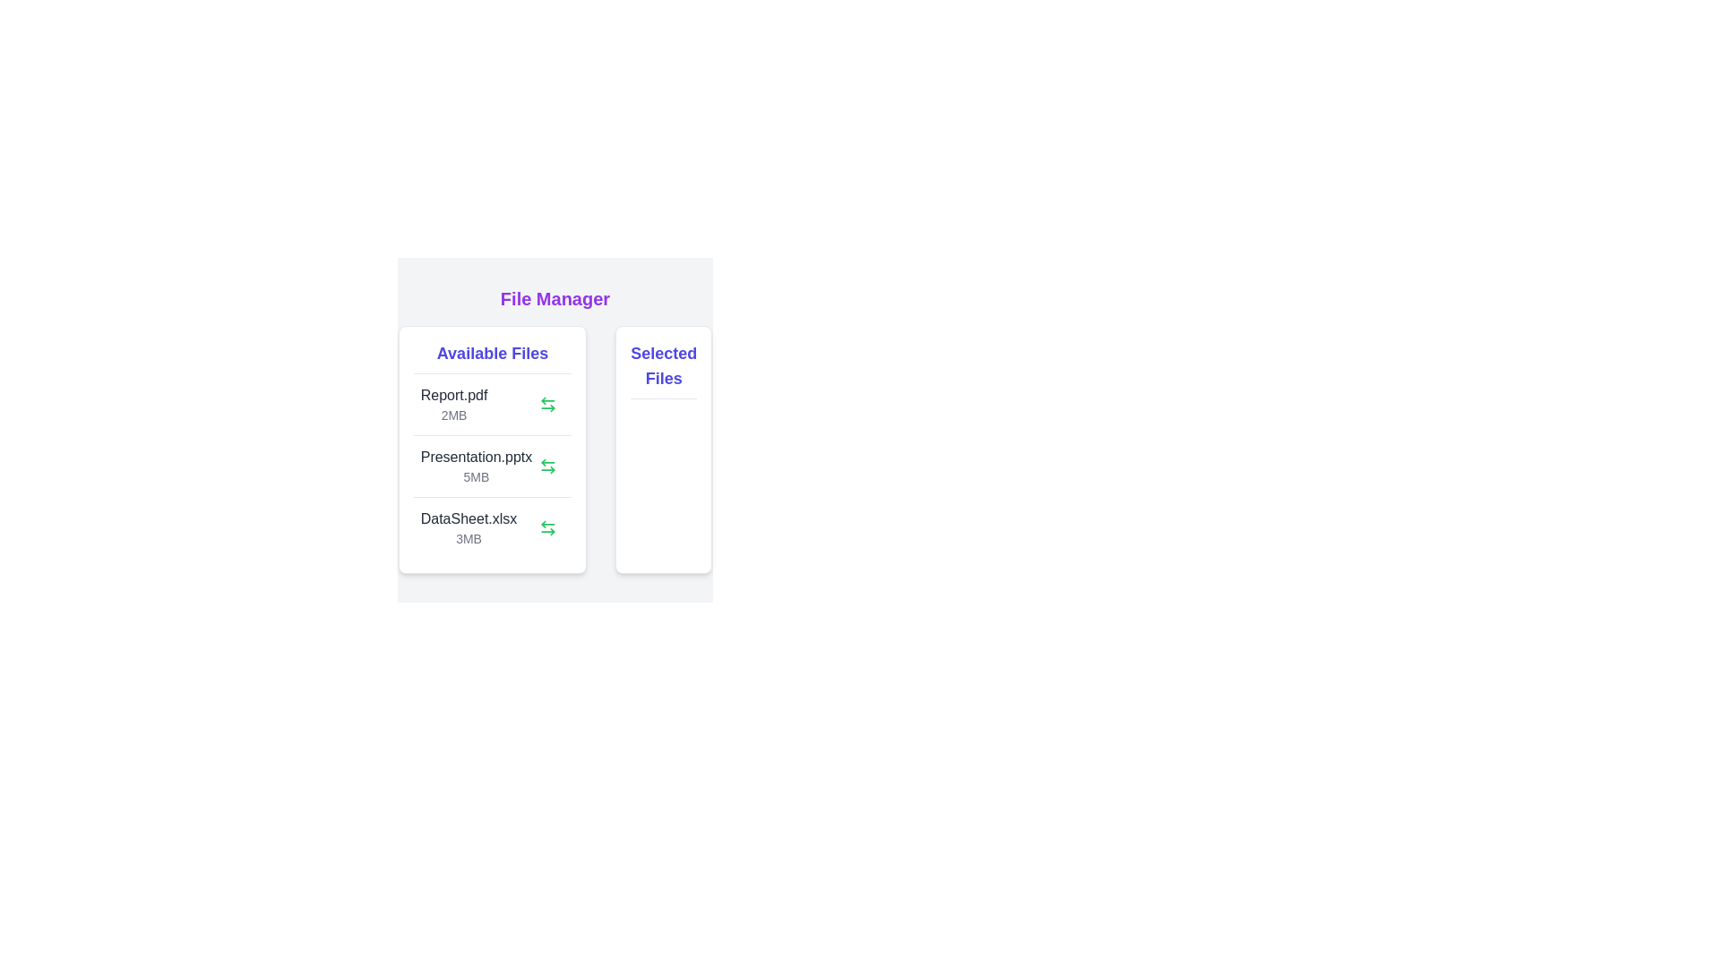  I want to click on the bold and large 'File Manager' static header text styled in purple, which is centrally aligned at the top of the interface, so click(554, 298).